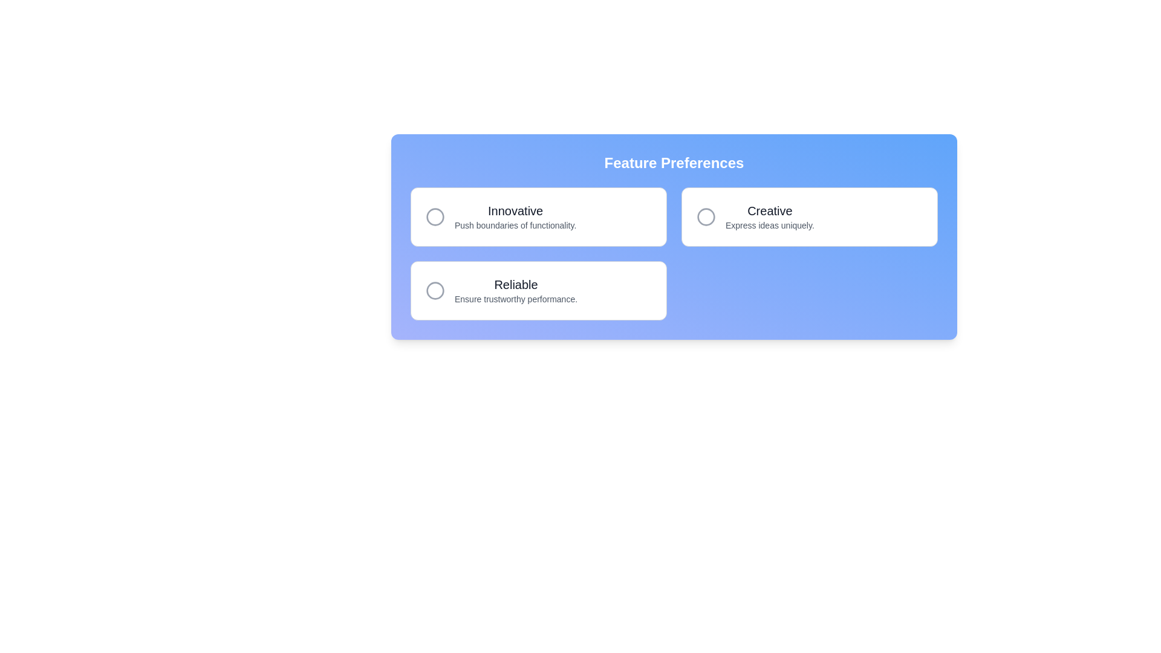 The width and height of the screenshot is (1161, 653). What do you see at coordinates (538, 216) in the screenshot?
I see `the top-left selectable card in the 'Feature Preferences' section` at bounding box center [538, 216].